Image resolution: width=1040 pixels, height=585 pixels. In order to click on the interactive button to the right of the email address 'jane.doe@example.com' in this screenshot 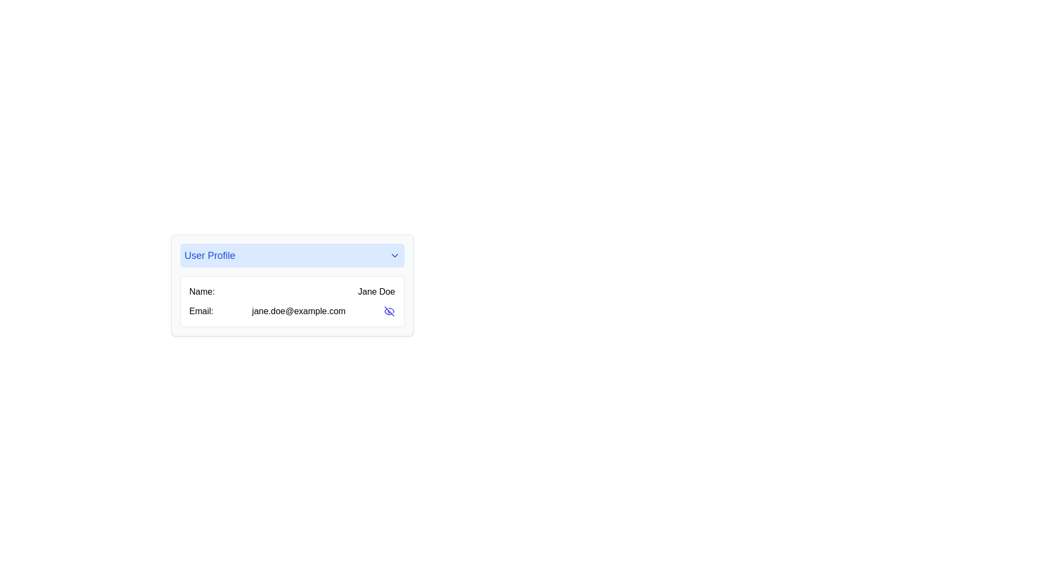, I will do `click(389, 311)`.